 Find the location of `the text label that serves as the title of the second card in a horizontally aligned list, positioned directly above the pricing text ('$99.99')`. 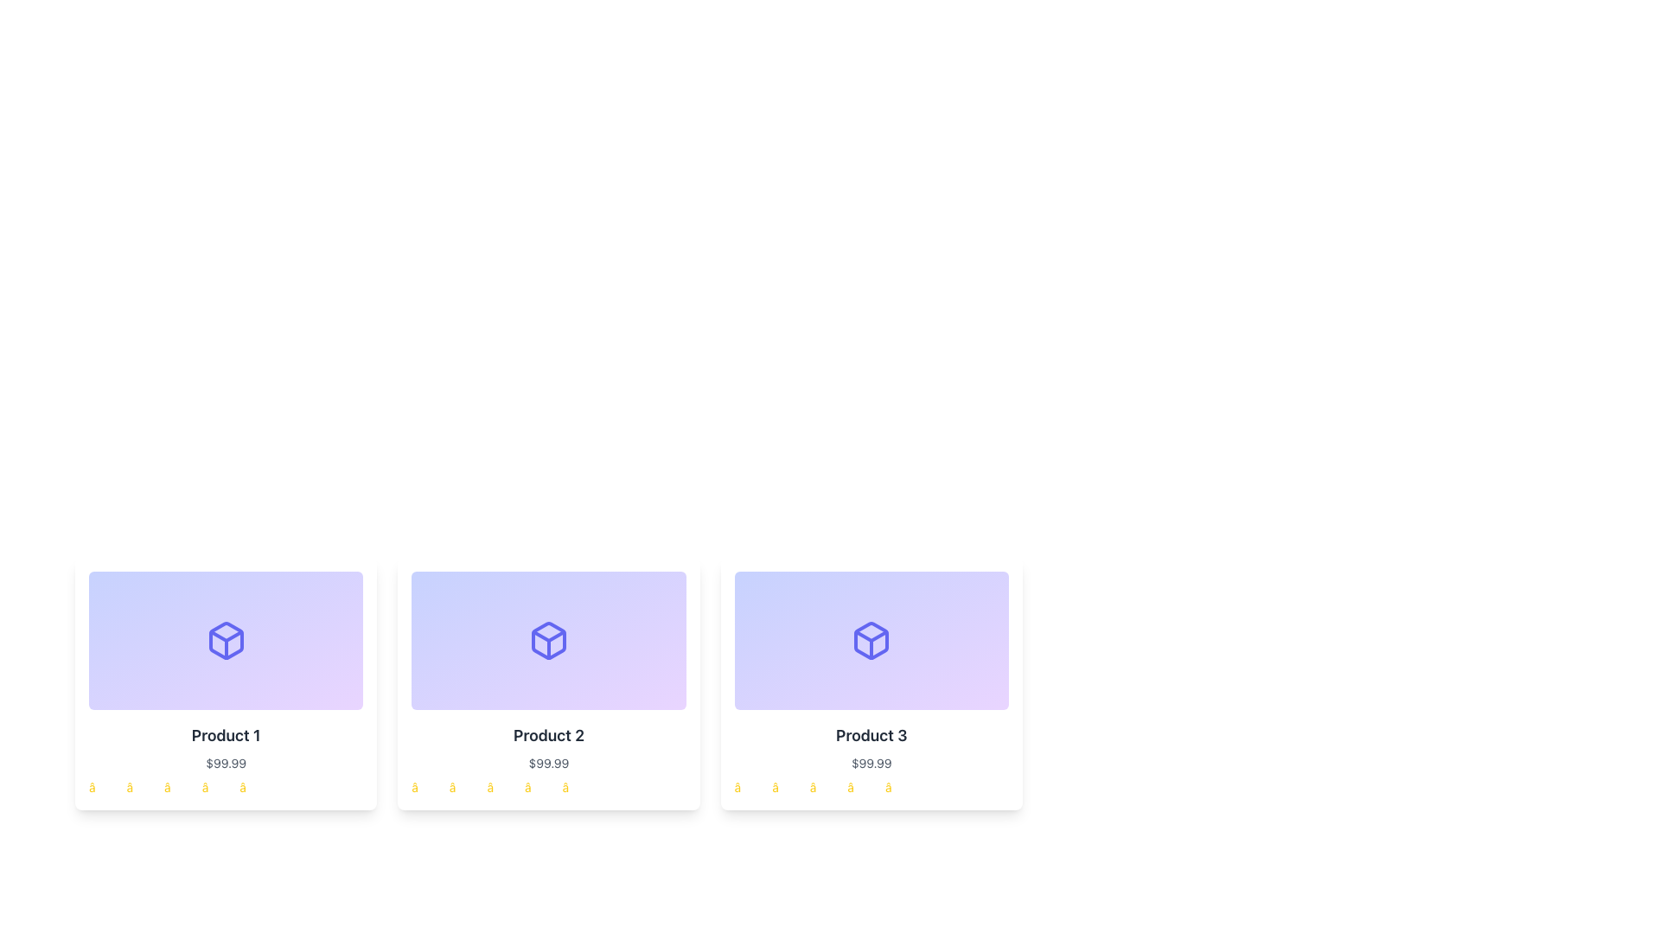

the text label that serves as the title of the second card in a horizontally aligned list, positioned directly above the pricing text ('$99.99') is located at coordinates (547, 736).